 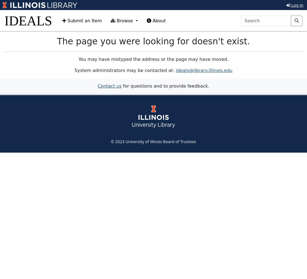 What do you see at coordinates (153, 141) in the screenshot?
I see `'© 2023 University of Illinois Board of Trustees'` at bounding box center [153, 141].